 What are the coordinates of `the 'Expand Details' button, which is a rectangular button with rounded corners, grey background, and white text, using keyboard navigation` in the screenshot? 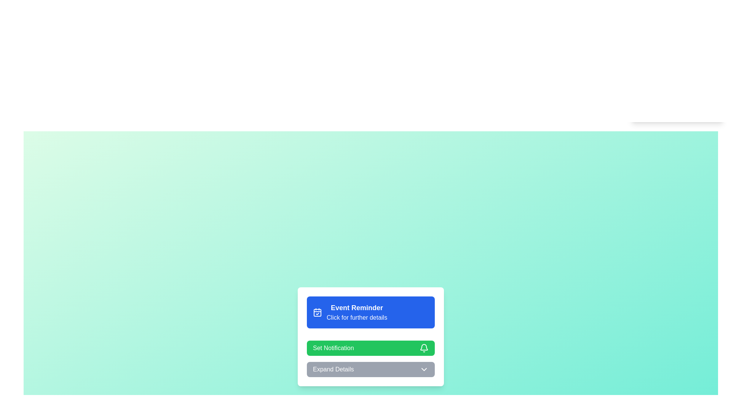 It's located at (371, 369).